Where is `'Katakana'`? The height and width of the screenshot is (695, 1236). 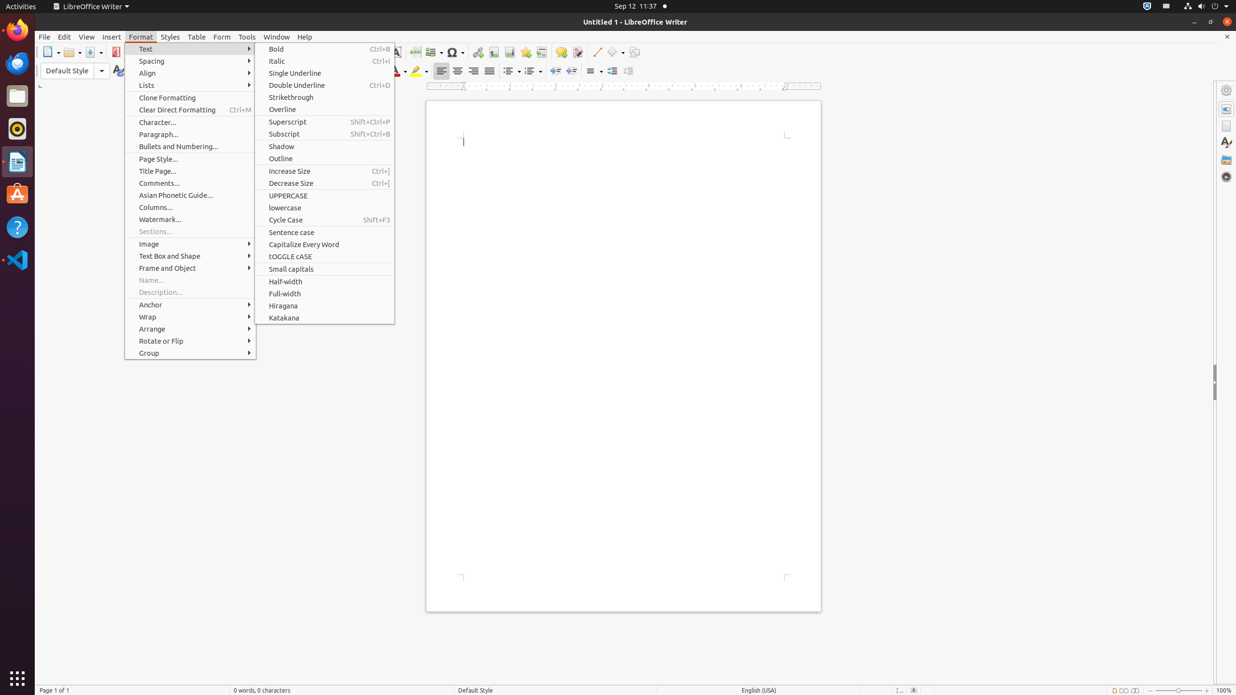
'Katakana' is located at coordinates (324, 318).